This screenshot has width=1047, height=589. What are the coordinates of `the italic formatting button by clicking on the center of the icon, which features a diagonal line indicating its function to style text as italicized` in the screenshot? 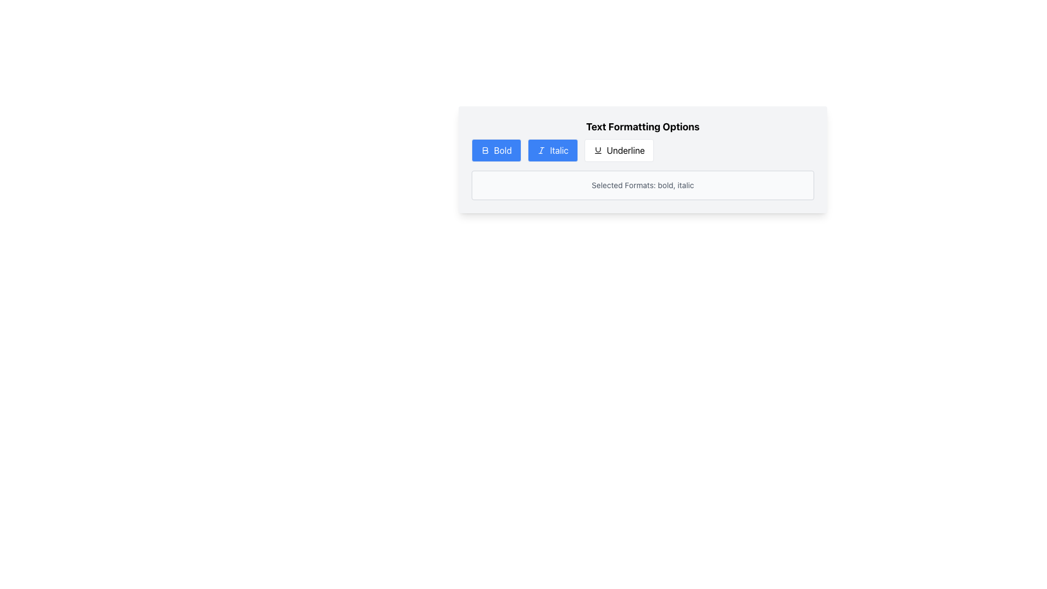 It's located at (541, 151).